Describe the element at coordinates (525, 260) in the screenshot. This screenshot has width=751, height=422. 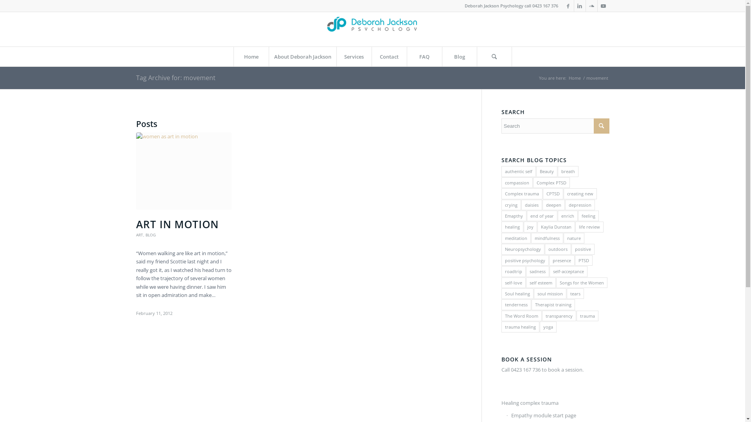
I see `'positive psychology'` at that location.